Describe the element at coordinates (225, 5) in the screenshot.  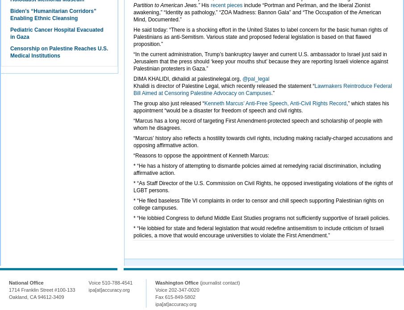
I see `'recent pieces'` at that location.